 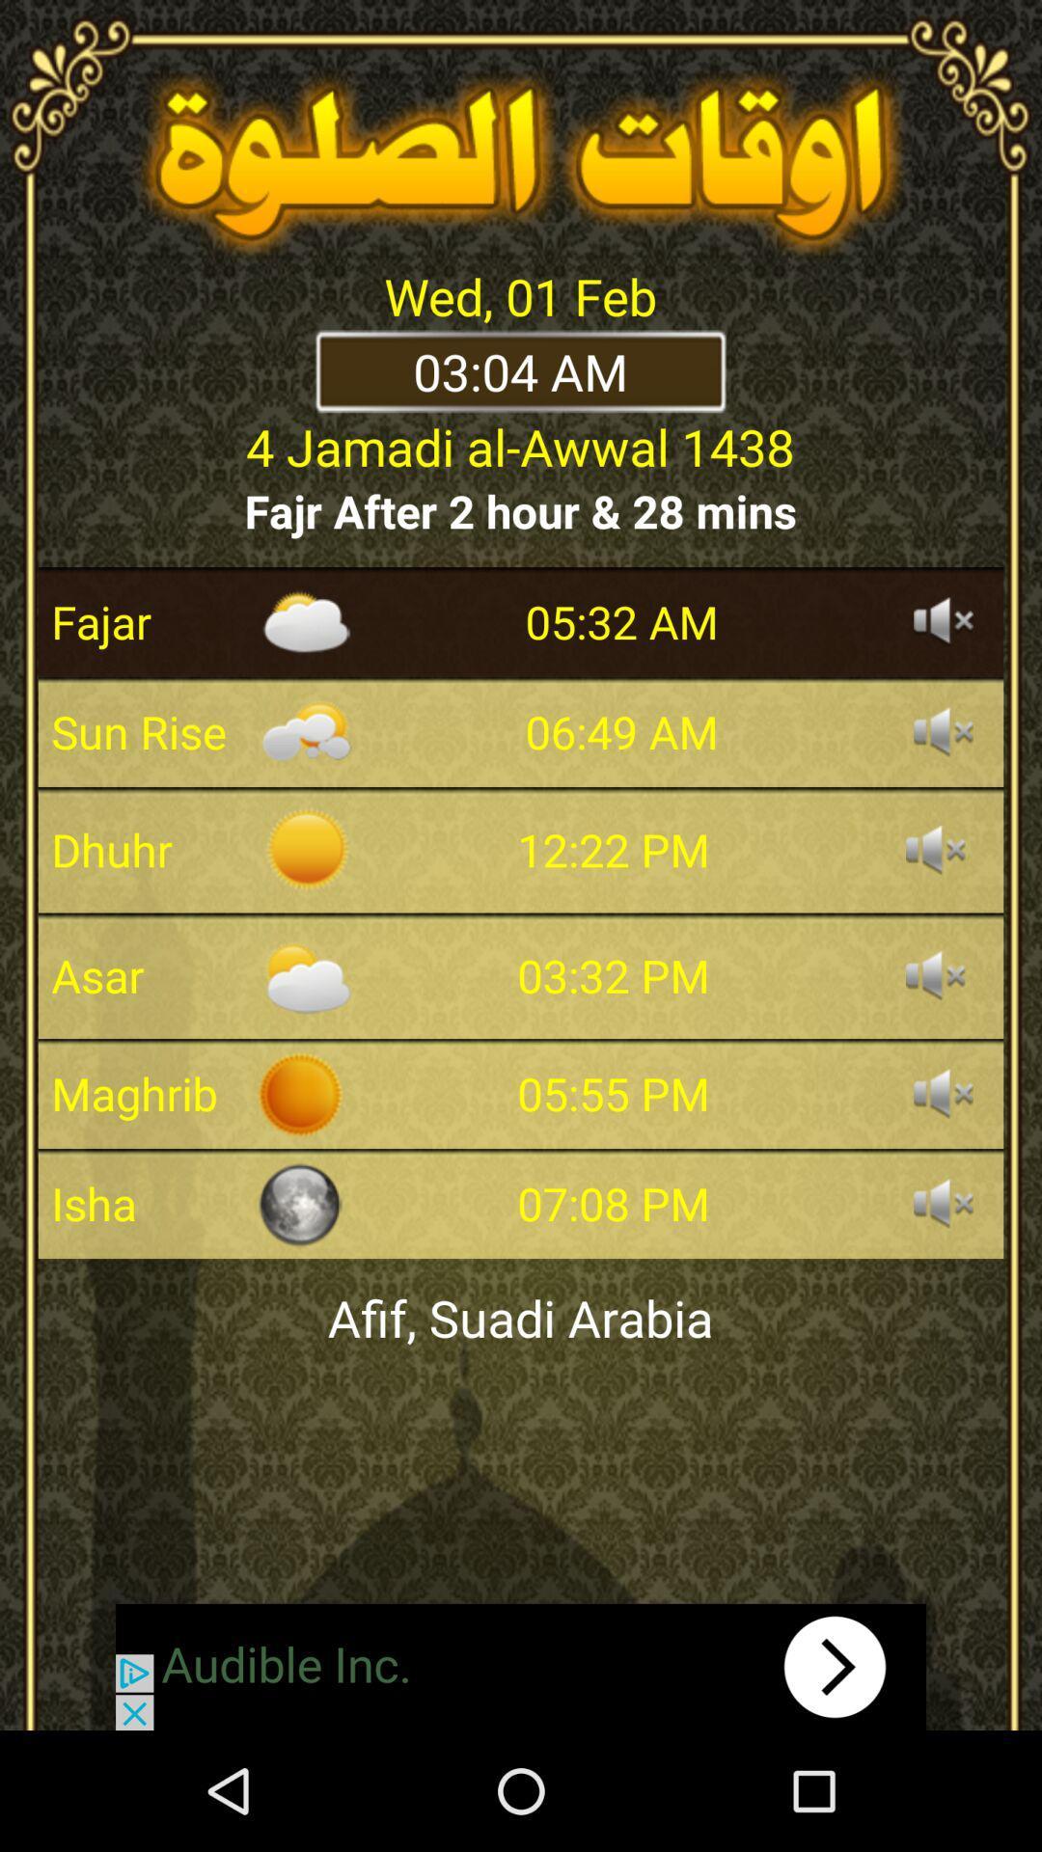 I want to click on sound, so click(x=943, y=621).